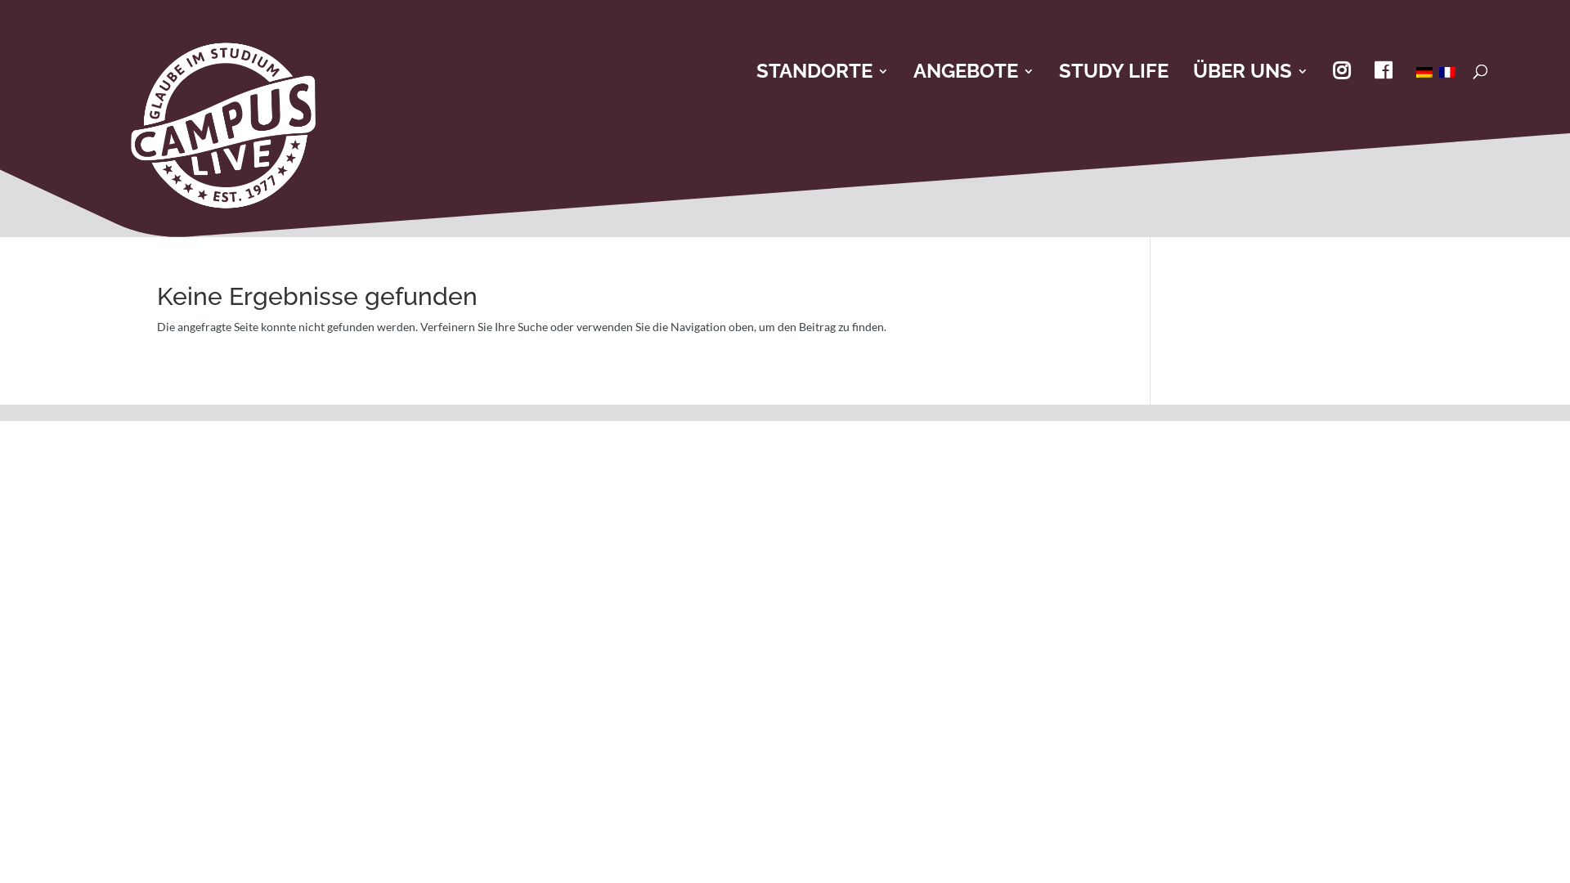  I want to click on 'STUDY LIFE', so click(1113, 70).